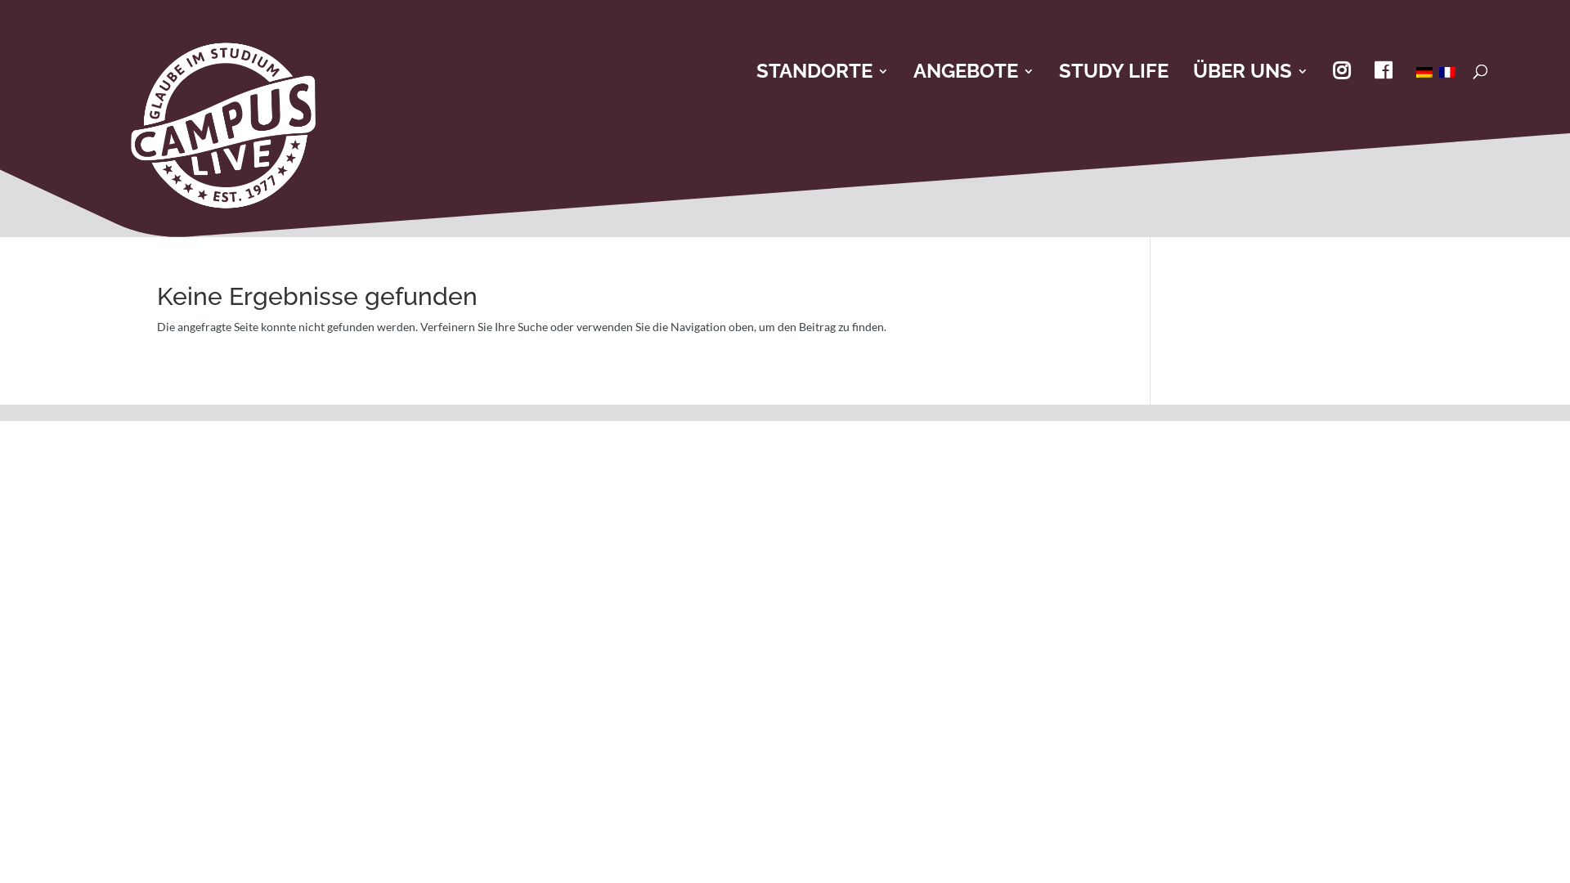  I want to click on 'STUDY LIFE', so click(1113, 70).